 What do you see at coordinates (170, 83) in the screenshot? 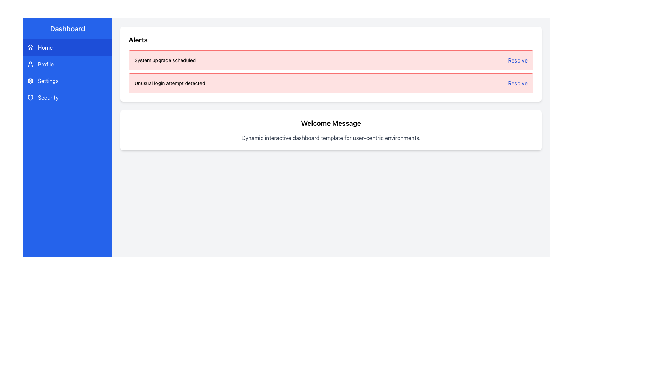
I see `the static text element that displays a notification about a detected unusual login attempt, located in the 'Alerts' section of the interface` at bounding box center [170, 83].